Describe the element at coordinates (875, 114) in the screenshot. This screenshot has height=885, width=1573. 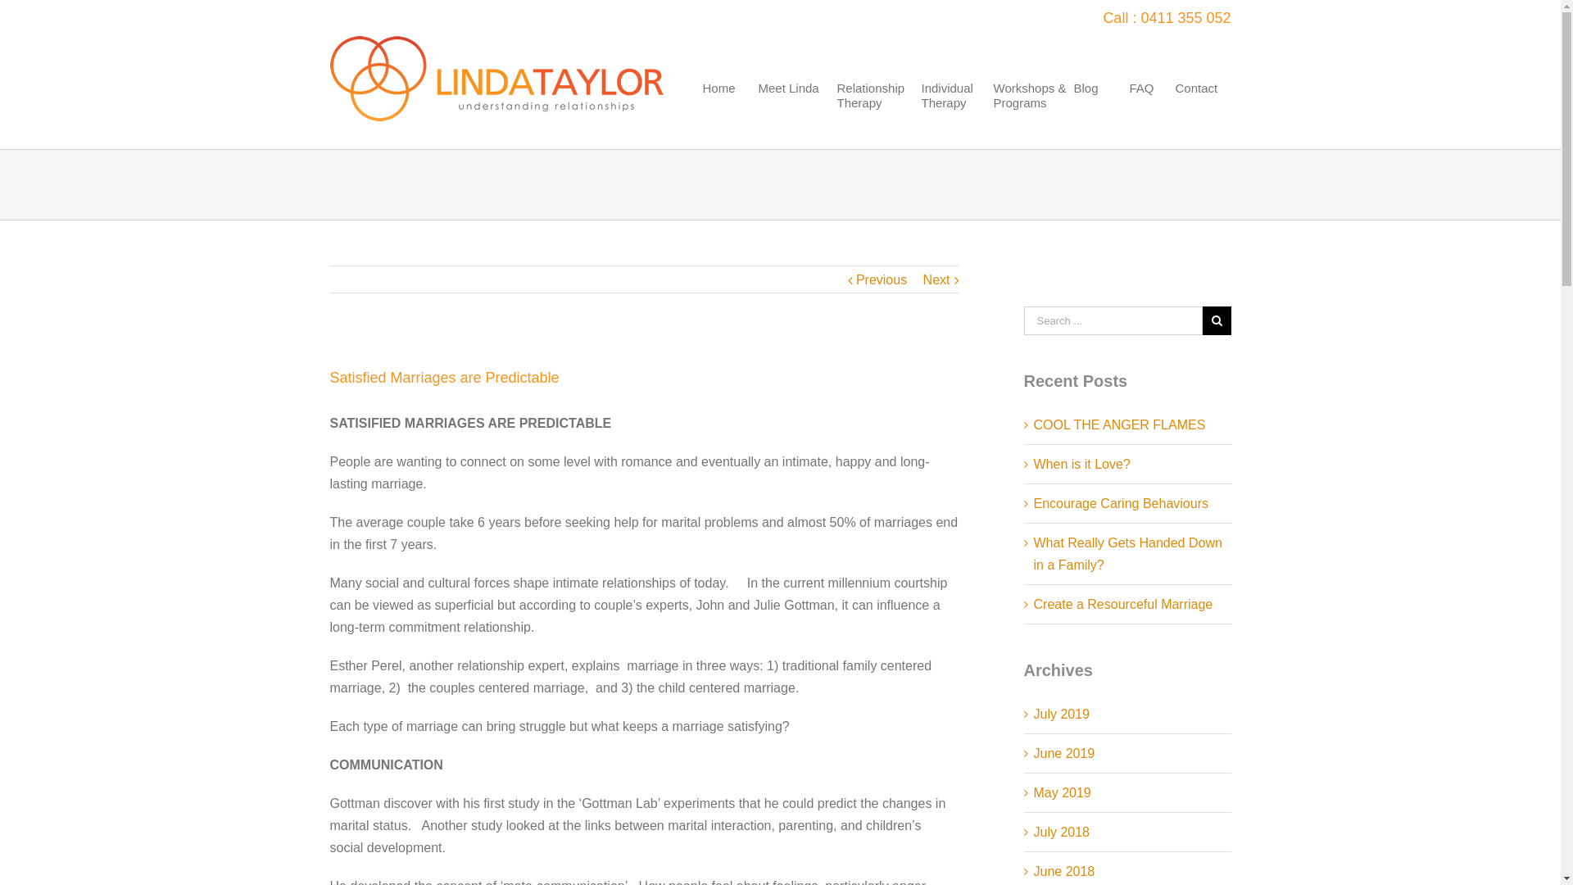
I see `'Relationship Therapy'` at that location.